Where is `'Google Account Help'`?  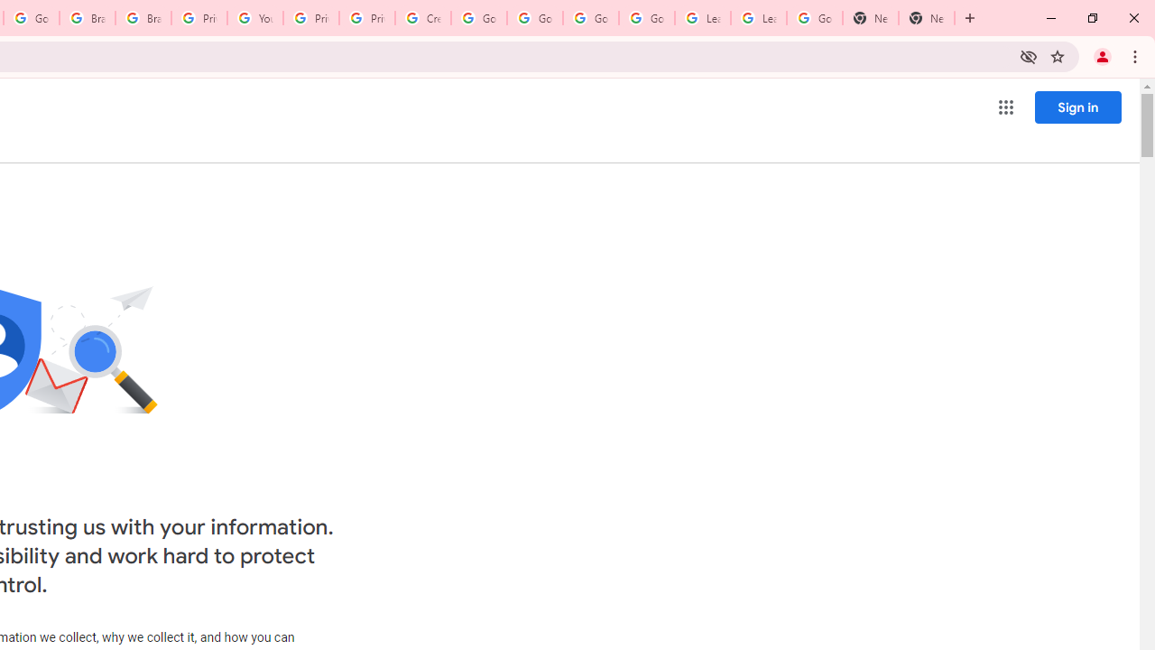 'Google Account Help' is located at coordinates (479, 18).